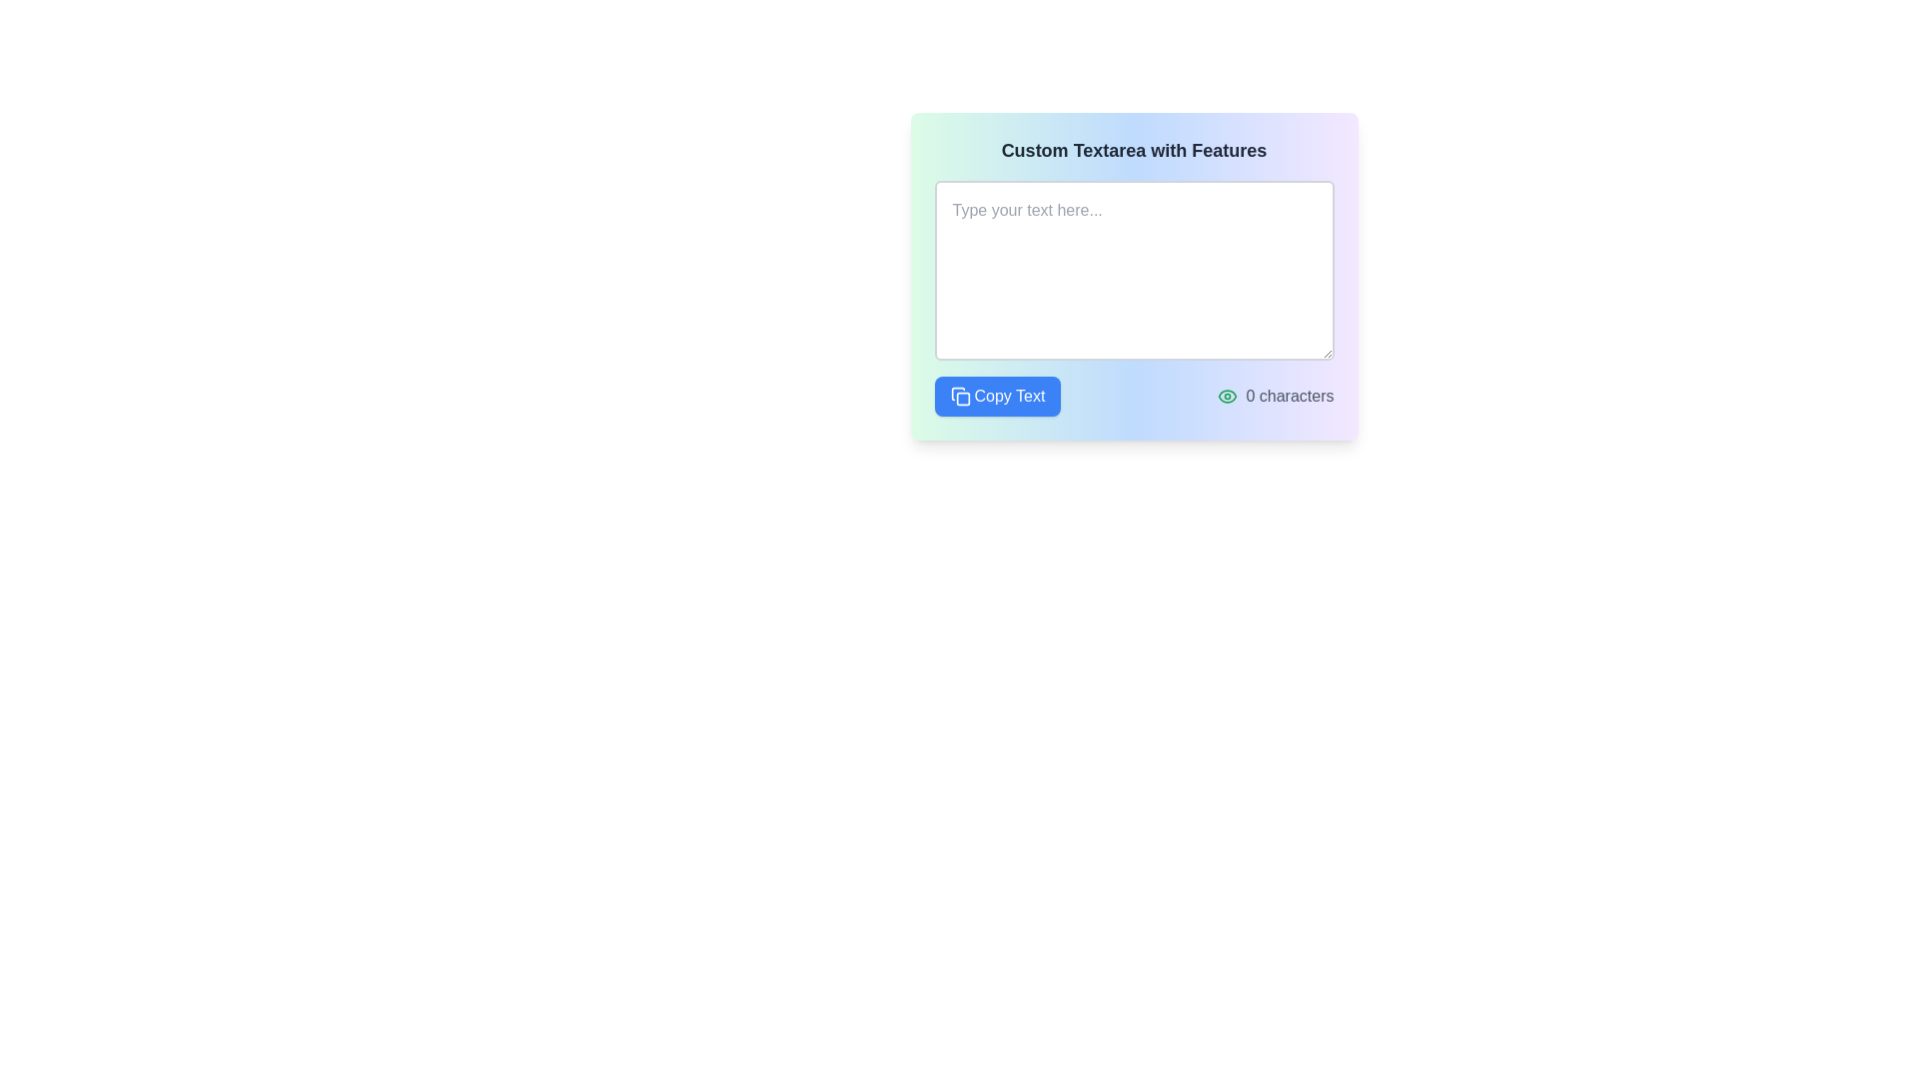  Describe the element at coordinates (1290, 397) in the screenshot. I see `the character count indicator text label located at the bottom-right corner of the 'Custom Textarea with Features' box, which dynamically updates` at that location.